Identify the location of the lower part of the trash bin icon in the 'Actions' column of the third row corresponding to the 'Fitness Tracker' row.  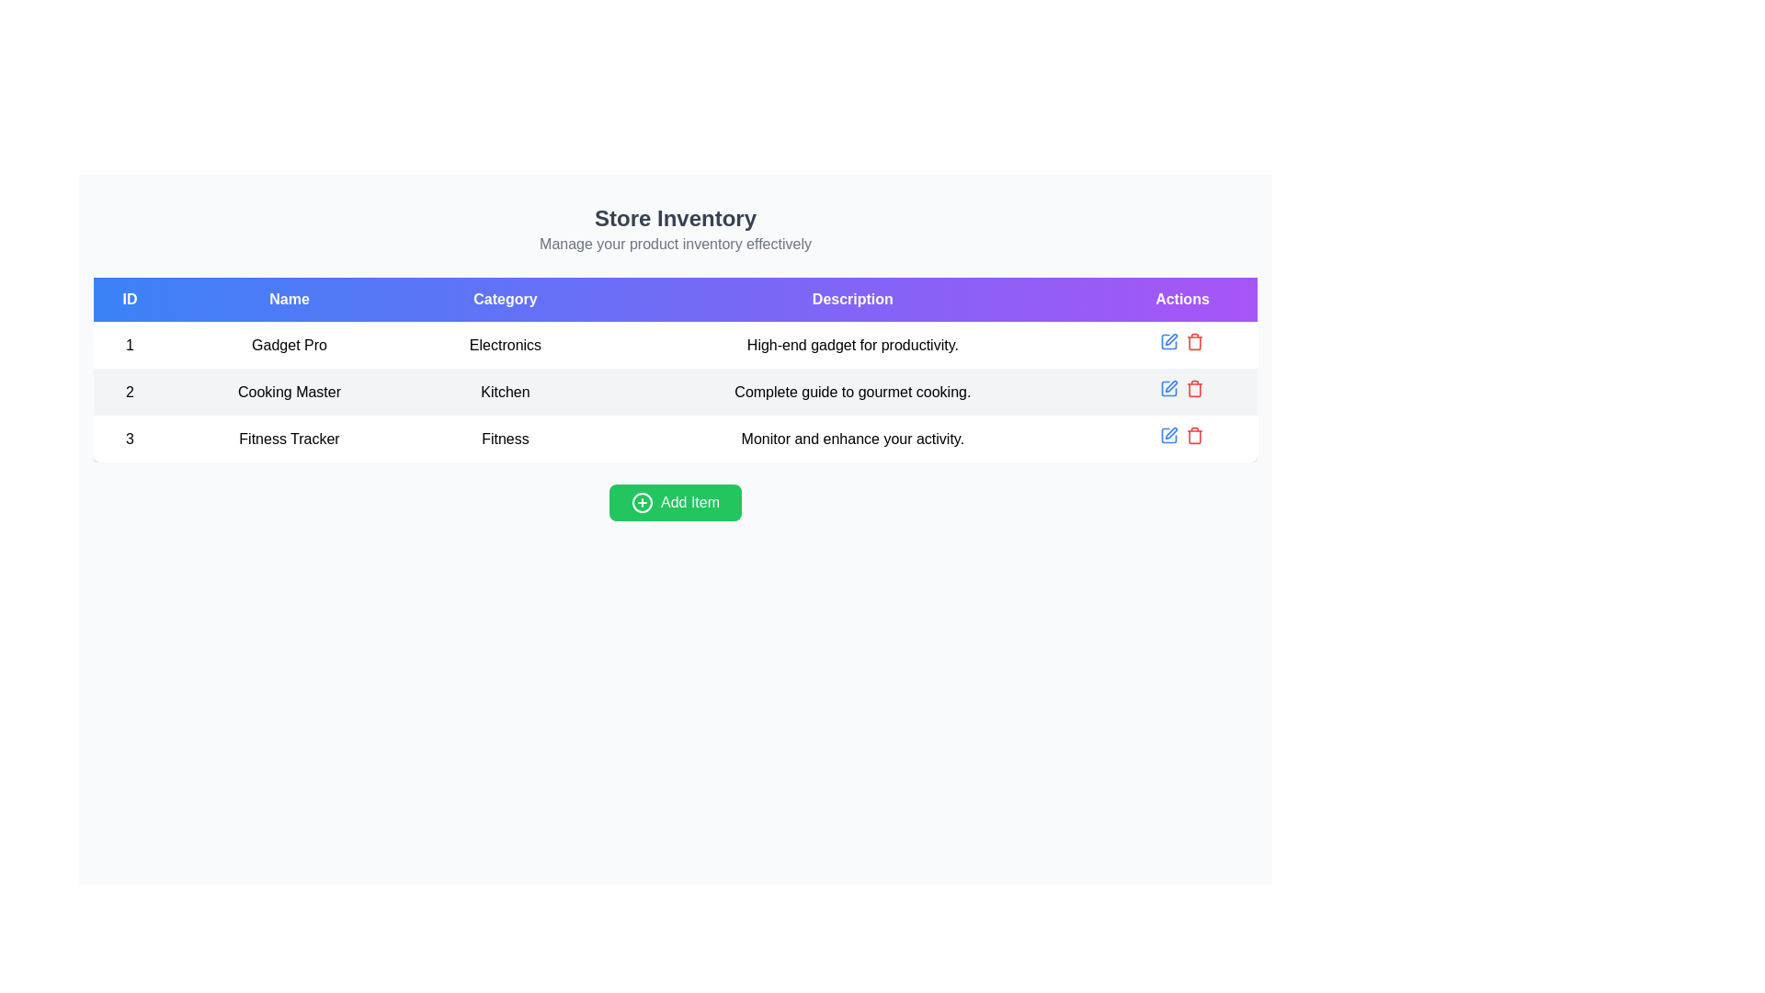
(1195, 437).